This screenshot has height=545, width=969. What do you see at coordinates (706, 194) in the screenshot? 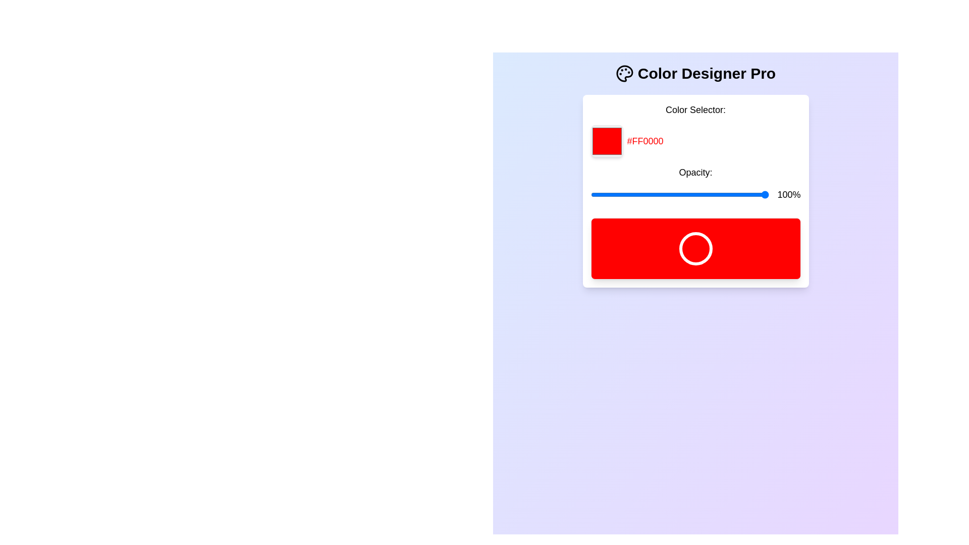
I see `the opacity slider` at bounding box center [706, 194].